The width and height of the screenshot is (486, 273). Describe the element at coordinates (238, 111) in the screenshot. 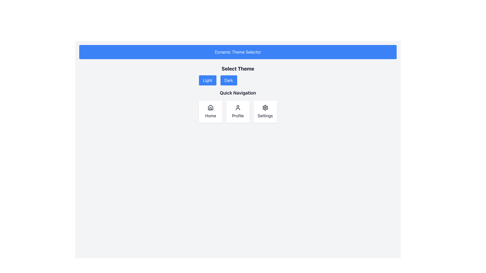

I see `the 'Profile' button, which is a rectangular card with a white background, a user figure icon, and the text 'Profile' below it, positioned centrally between the 'Home' and 'Settings' cards in the grid layout` at that location.